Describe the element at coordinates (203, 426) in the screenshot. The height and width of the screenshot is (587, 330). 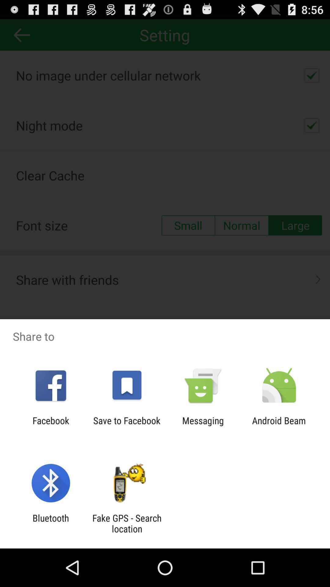
I see `the app to the right of the save to facebook` at that location.